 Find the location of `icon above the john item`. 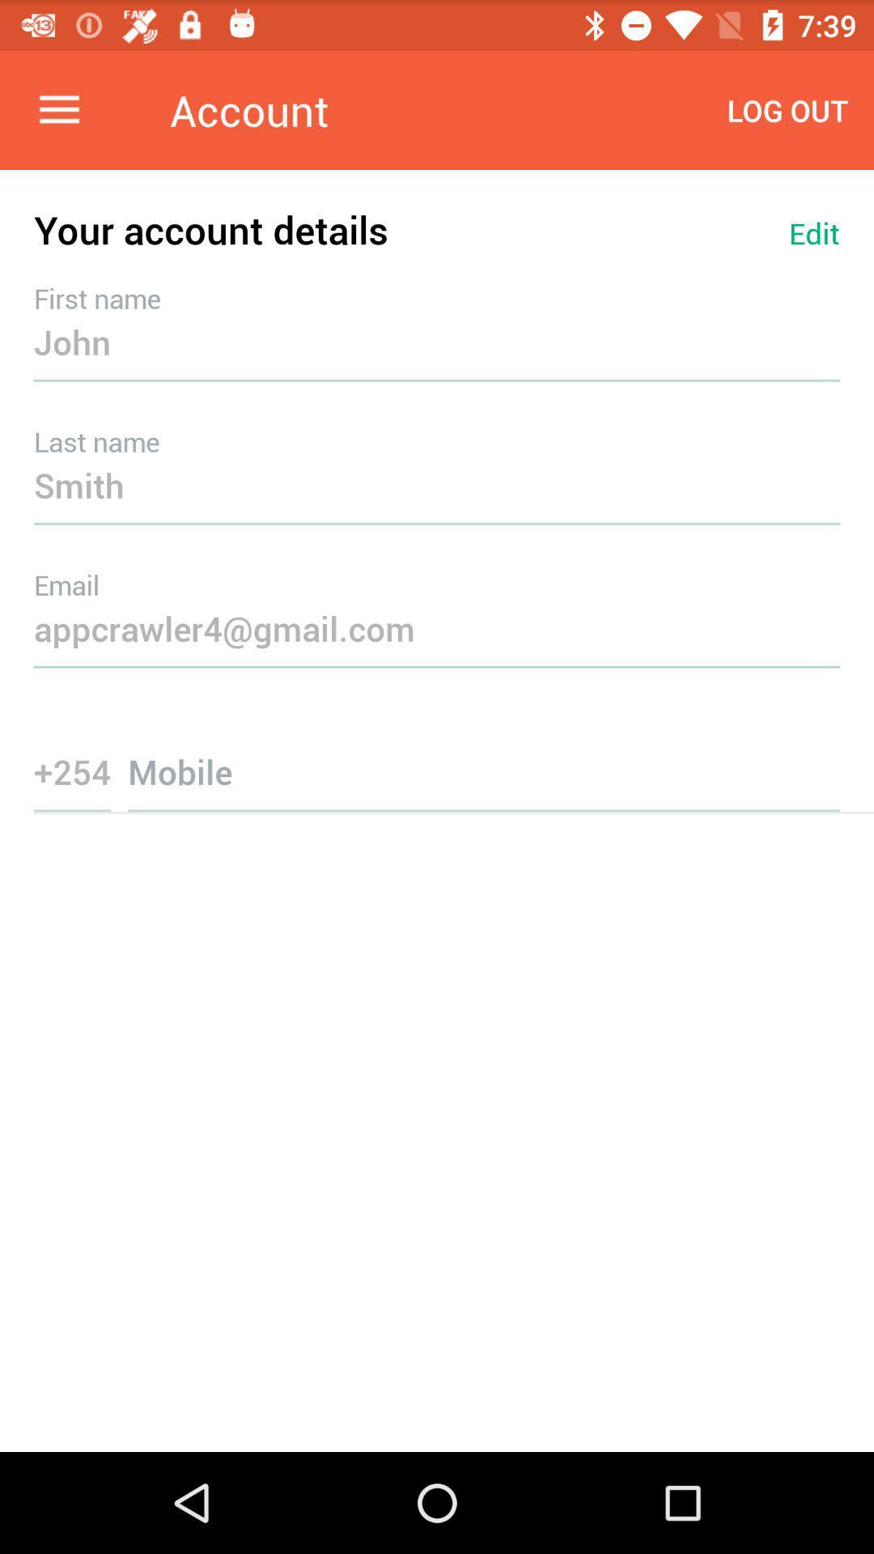

icon above the john item is located at coordinates (814, 232).